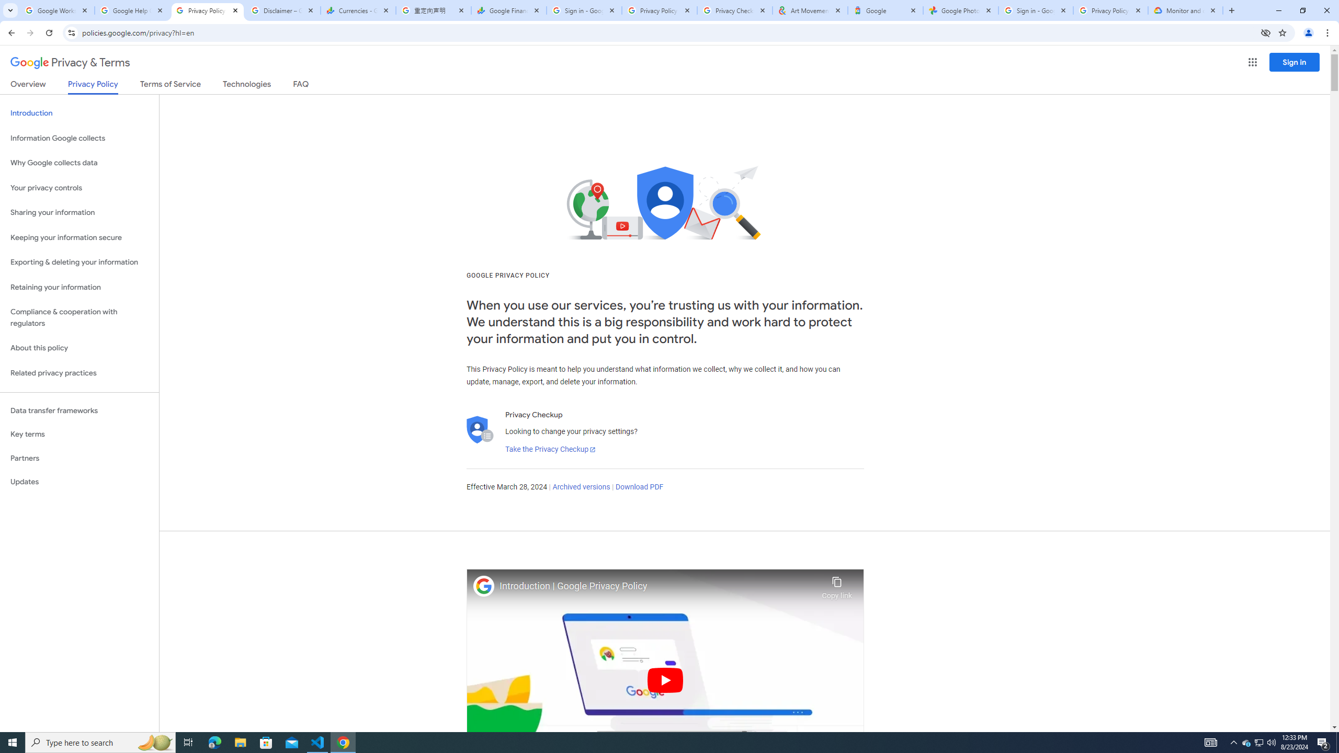 The height and width of the screenshot is (753, 1339). I want to click on 'About this policy', so click(79, 348).